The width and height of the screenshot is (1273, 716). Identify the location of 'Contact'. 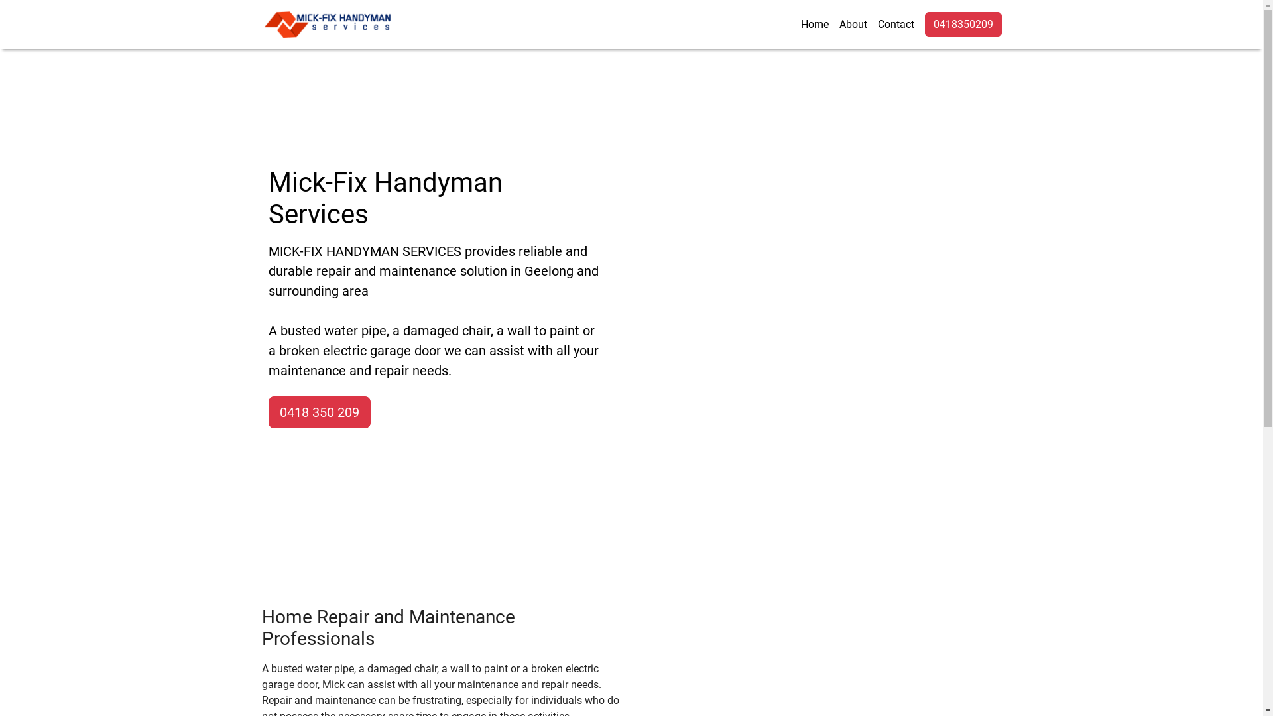
(872, 25).